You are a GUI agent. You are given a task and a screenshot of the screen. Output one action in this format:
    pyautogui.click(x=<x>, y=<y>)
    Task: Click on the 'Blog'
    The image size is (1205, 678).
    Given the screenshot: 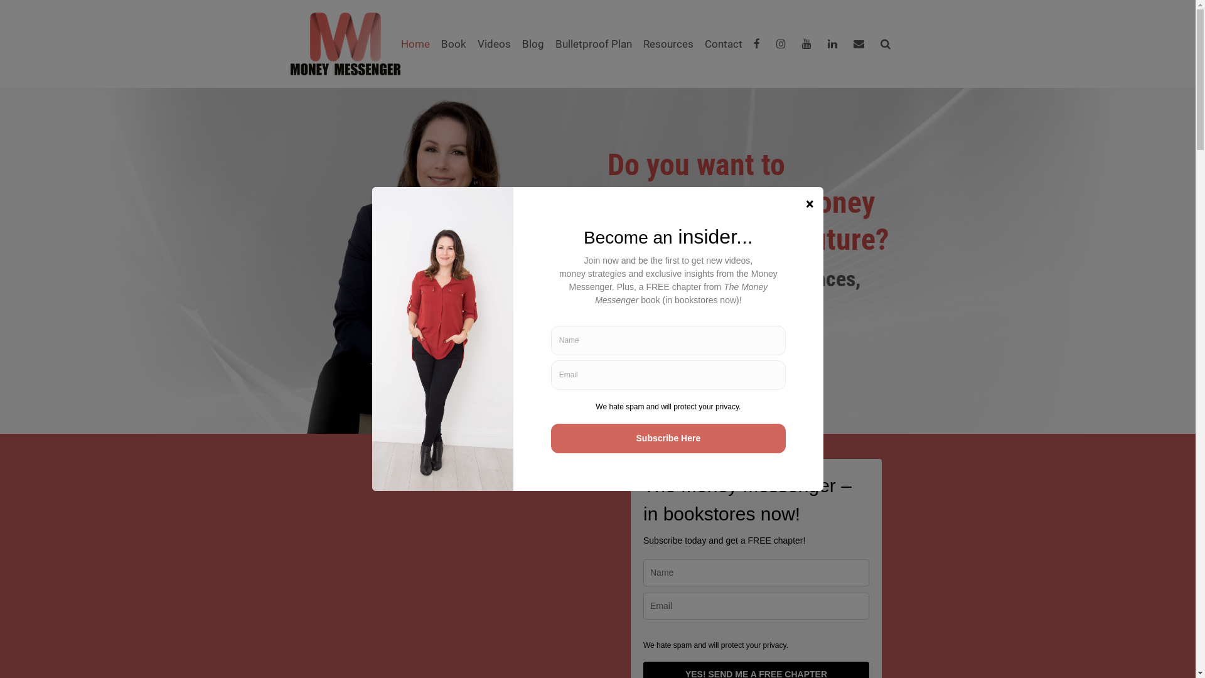 What is the action you would take?
    pyautogui.click(x=532, y=43)
    